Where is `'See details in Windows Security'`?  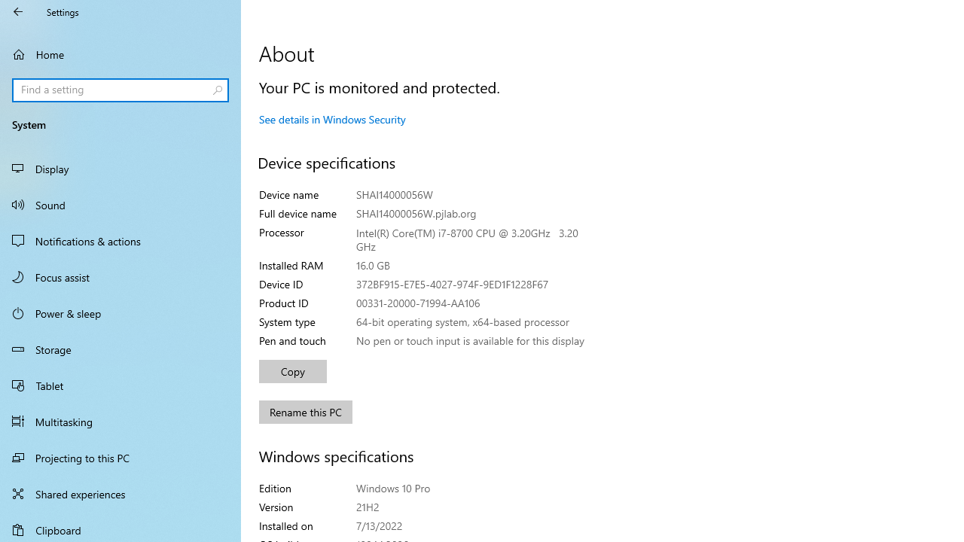
'See details in Windows Security' is located at coordinates (331, 118).